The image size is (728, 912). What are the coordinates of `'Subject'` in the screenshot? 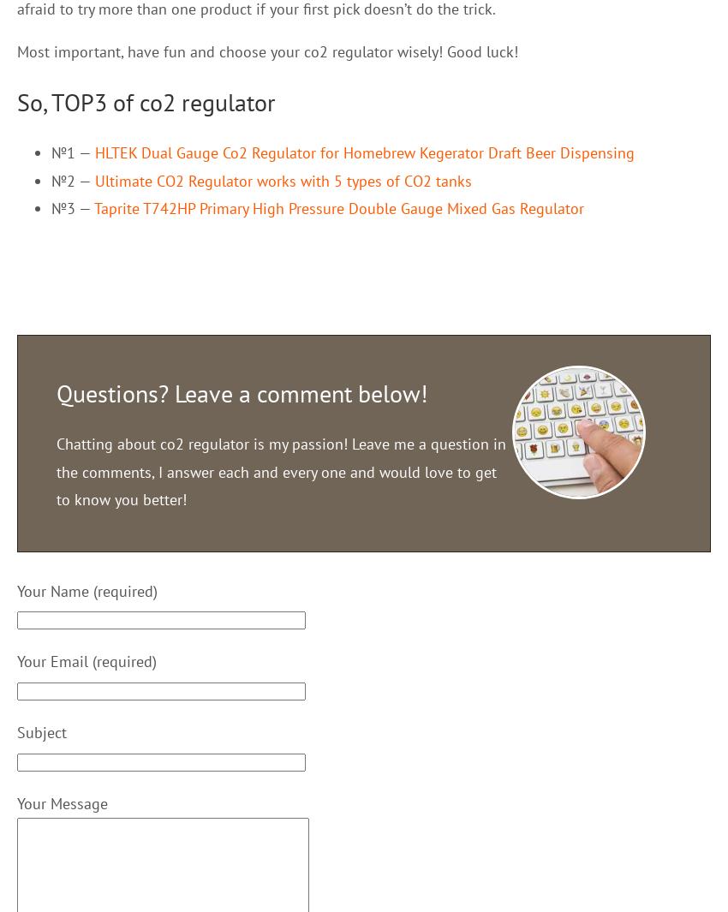 It's located at (41, 732).